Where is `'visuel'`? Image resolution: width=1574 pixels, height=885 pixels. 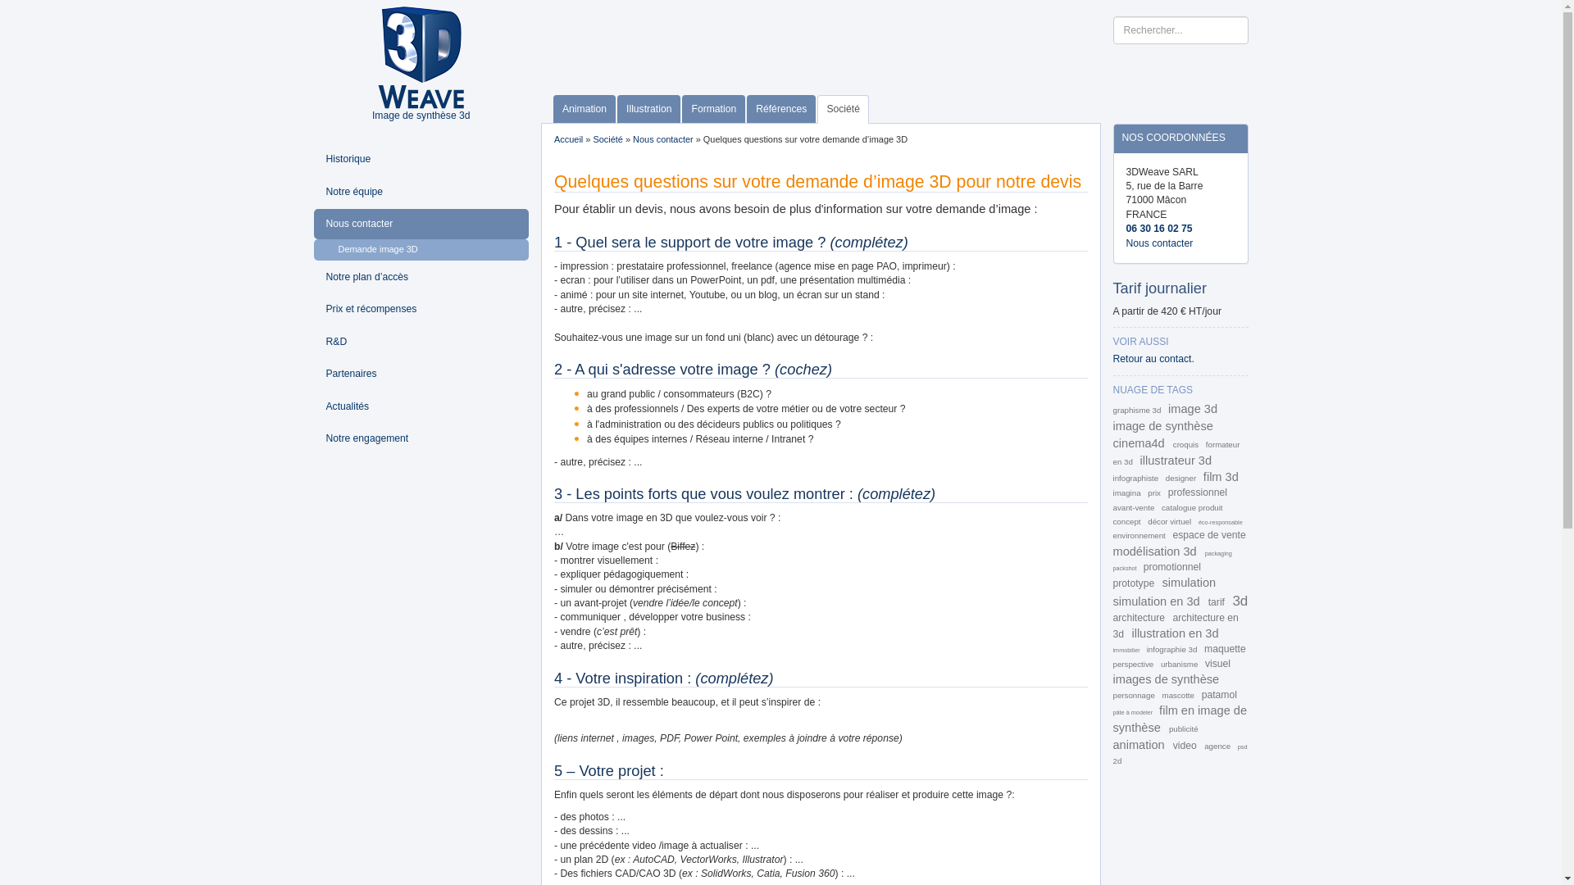
'visuel' is located at coordinates (1204, 664).